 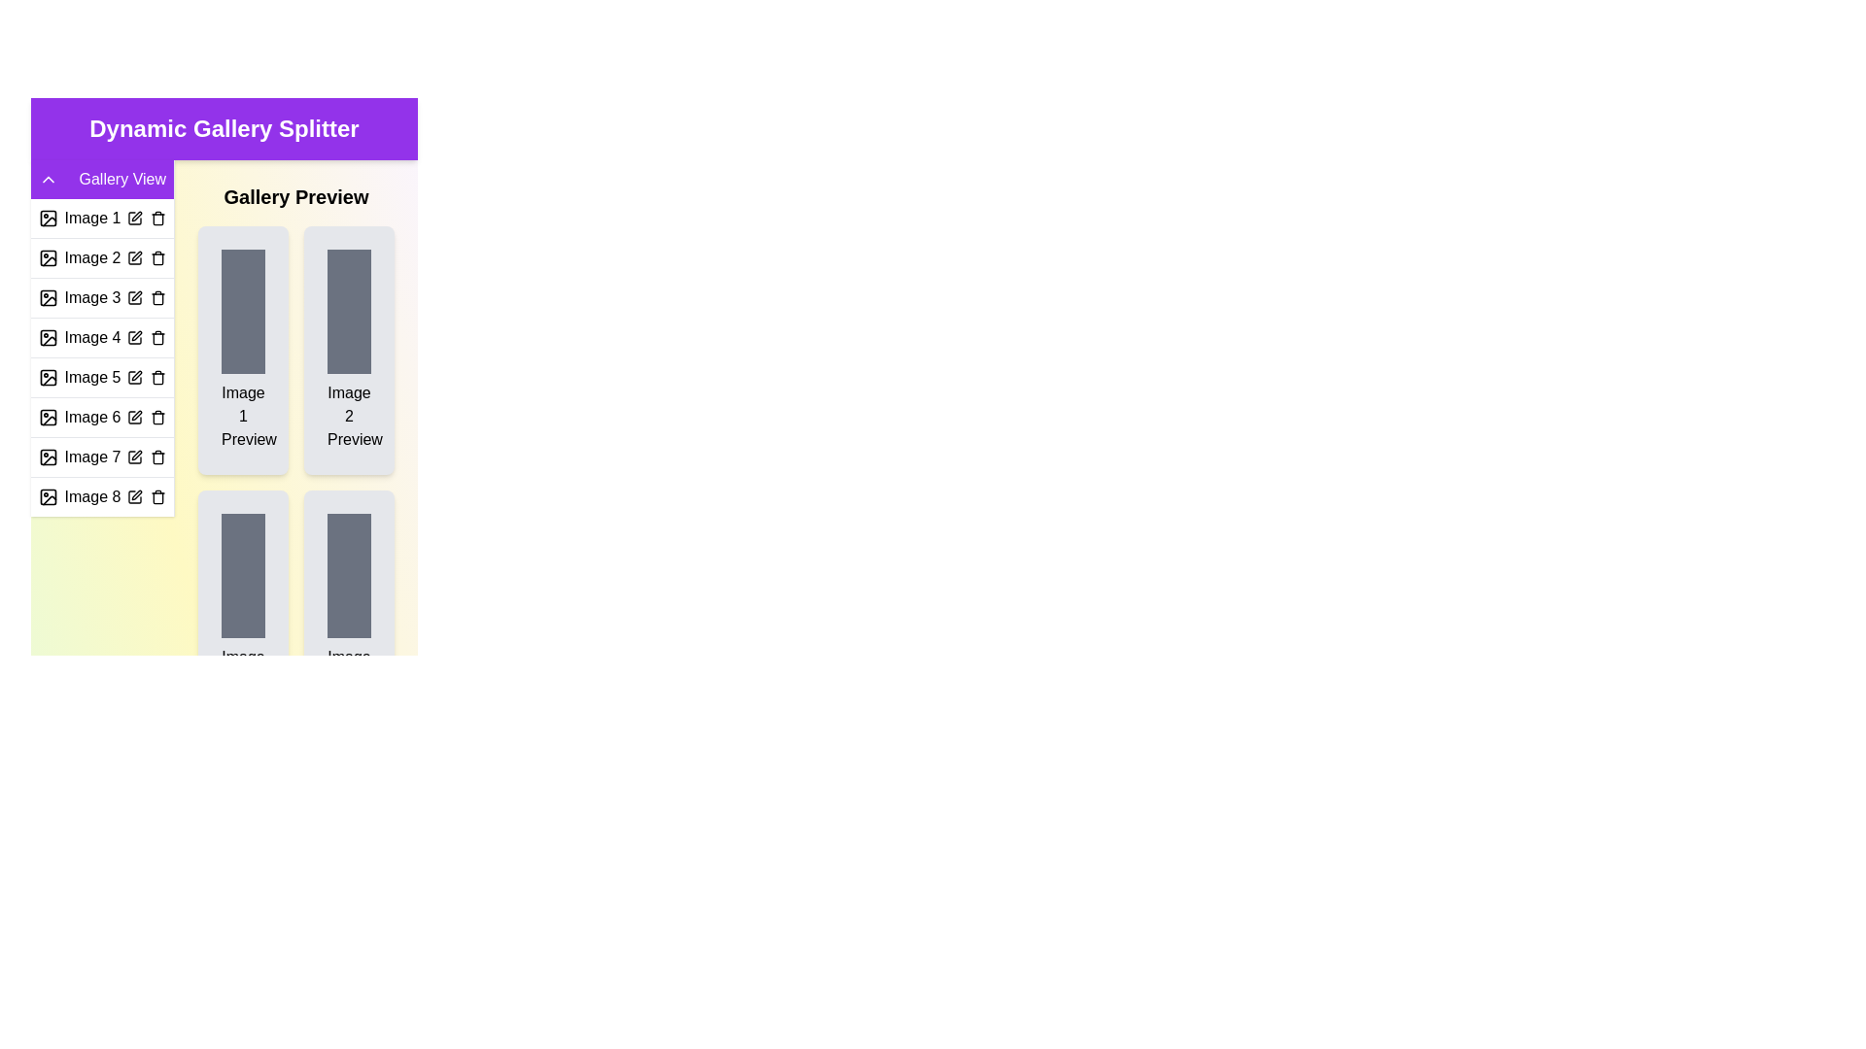 I want to click on the sixth row element labeled 'Image 6' in the Gallery View section, so click(x=101, y=416).